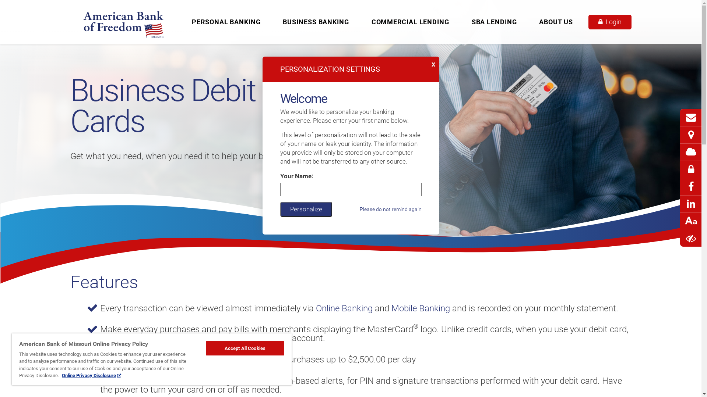 This screenshot has width=707, height=397. What do you see at coordinates (690, 207) in the screenshot?
I see `'LinkedIn'` at bounding box center [690, 207].